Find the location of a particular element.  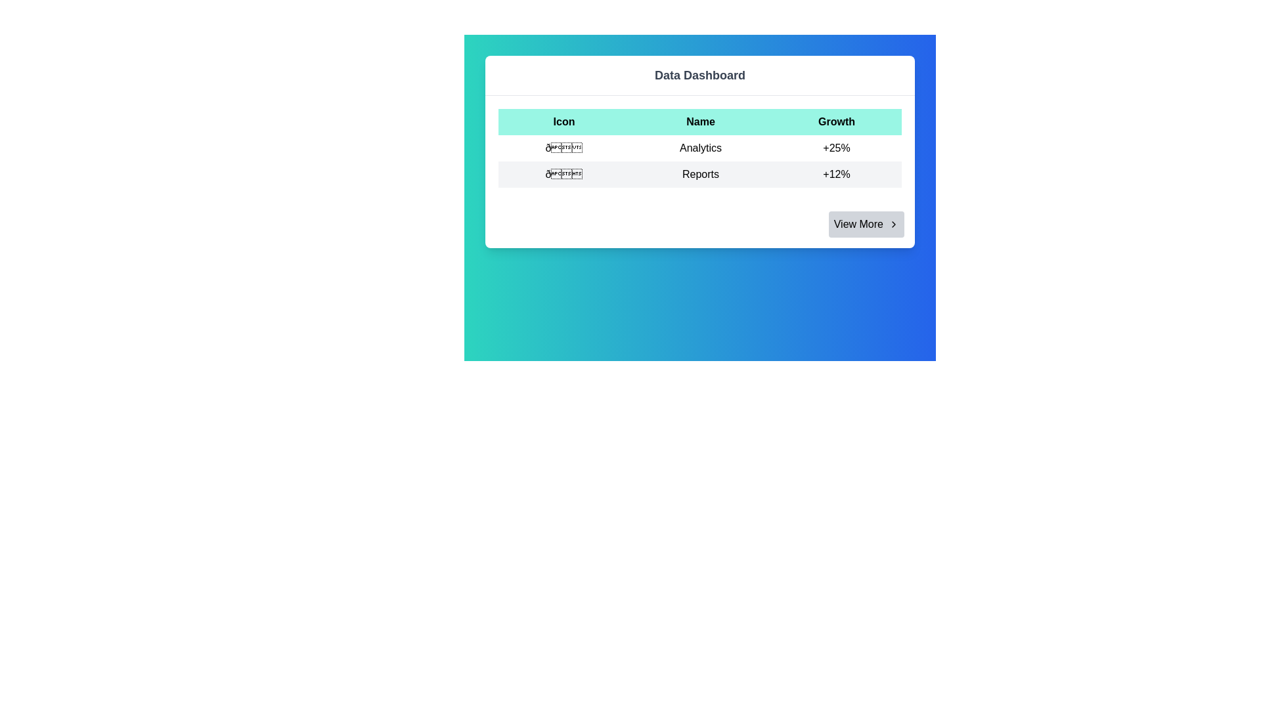

the Label displaying '+25%' in bold black font, located in the second row of the table under the 'Growth' column next to the 'Analytics' entry in the 'Name' column is located at coordinates (836, 148).